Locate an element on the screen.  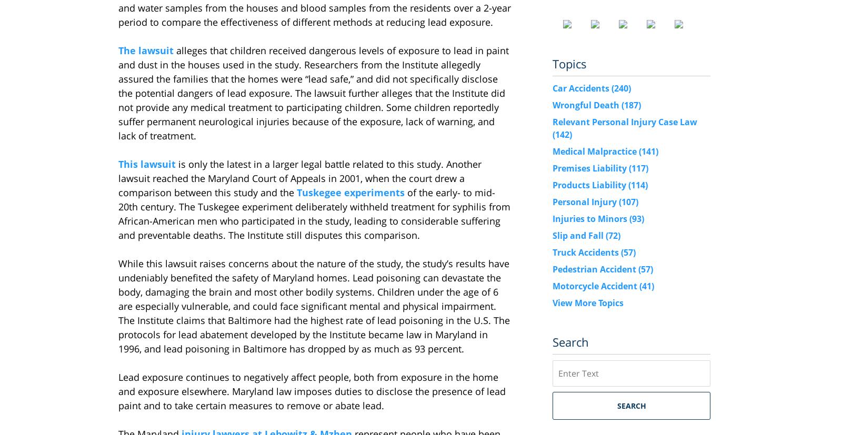
'(107)' is located at coordinates (628, 201).